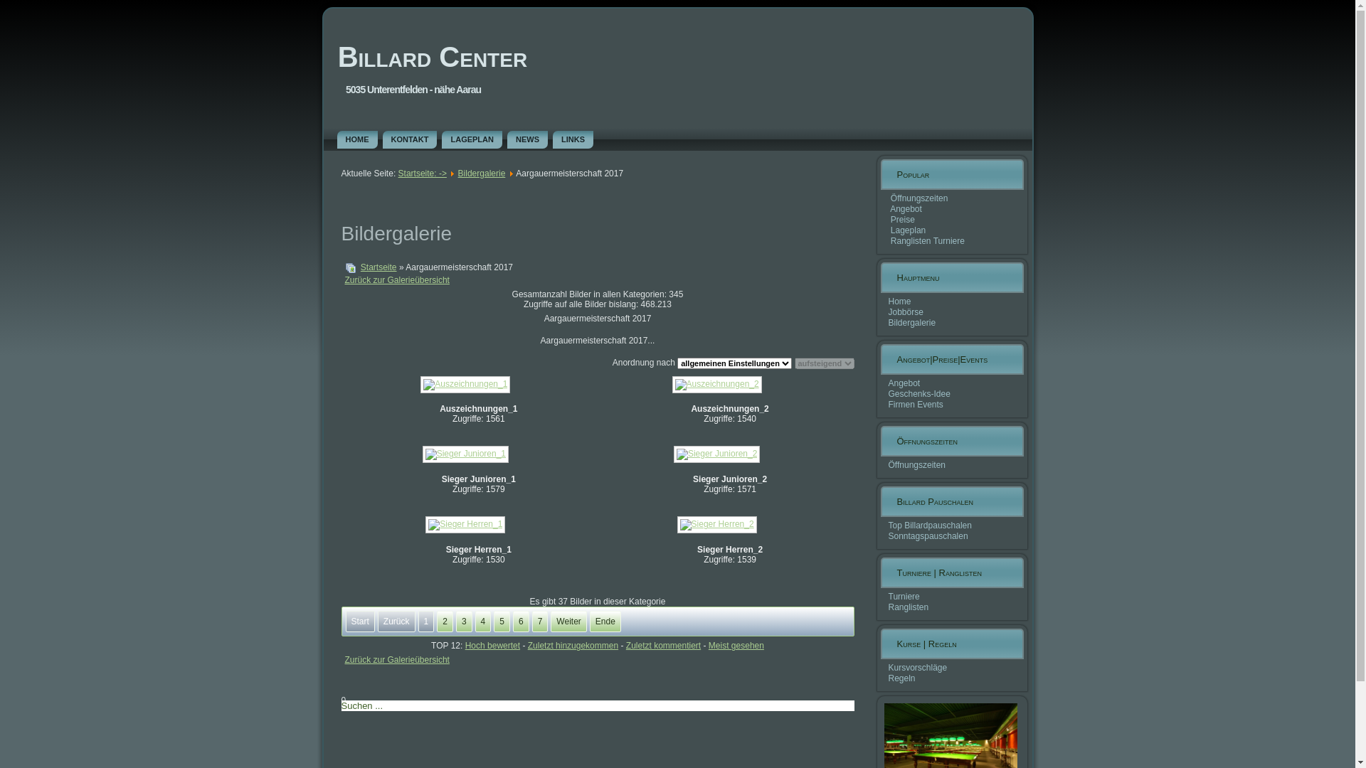 The width and height of the screenshot is (1366, 768). What do you see at coordinates (573, 645) in the screenshot?
I see `'Zuletzt hinzugekommen'` at bounding box center [573, 645].